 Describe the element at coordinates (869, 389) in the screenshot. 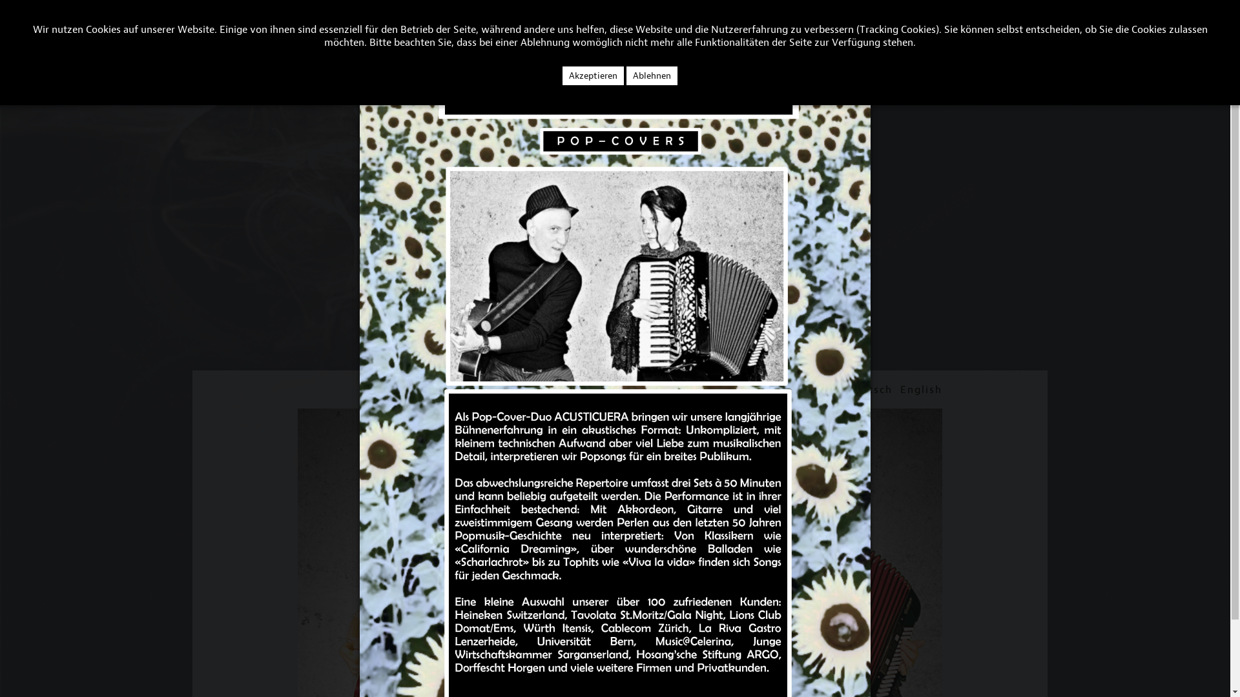

I see `'Deutsch'` at that location.